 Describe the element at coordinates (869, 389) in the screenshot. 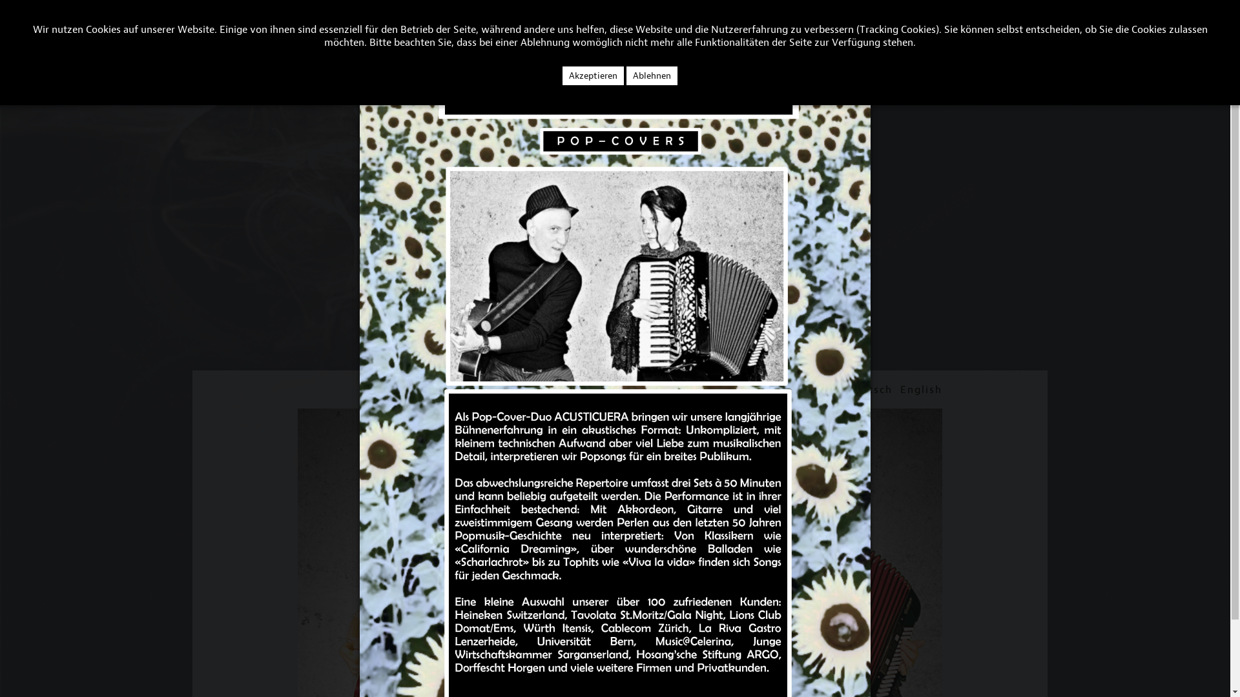

I see `'Deutsch'` at that location.